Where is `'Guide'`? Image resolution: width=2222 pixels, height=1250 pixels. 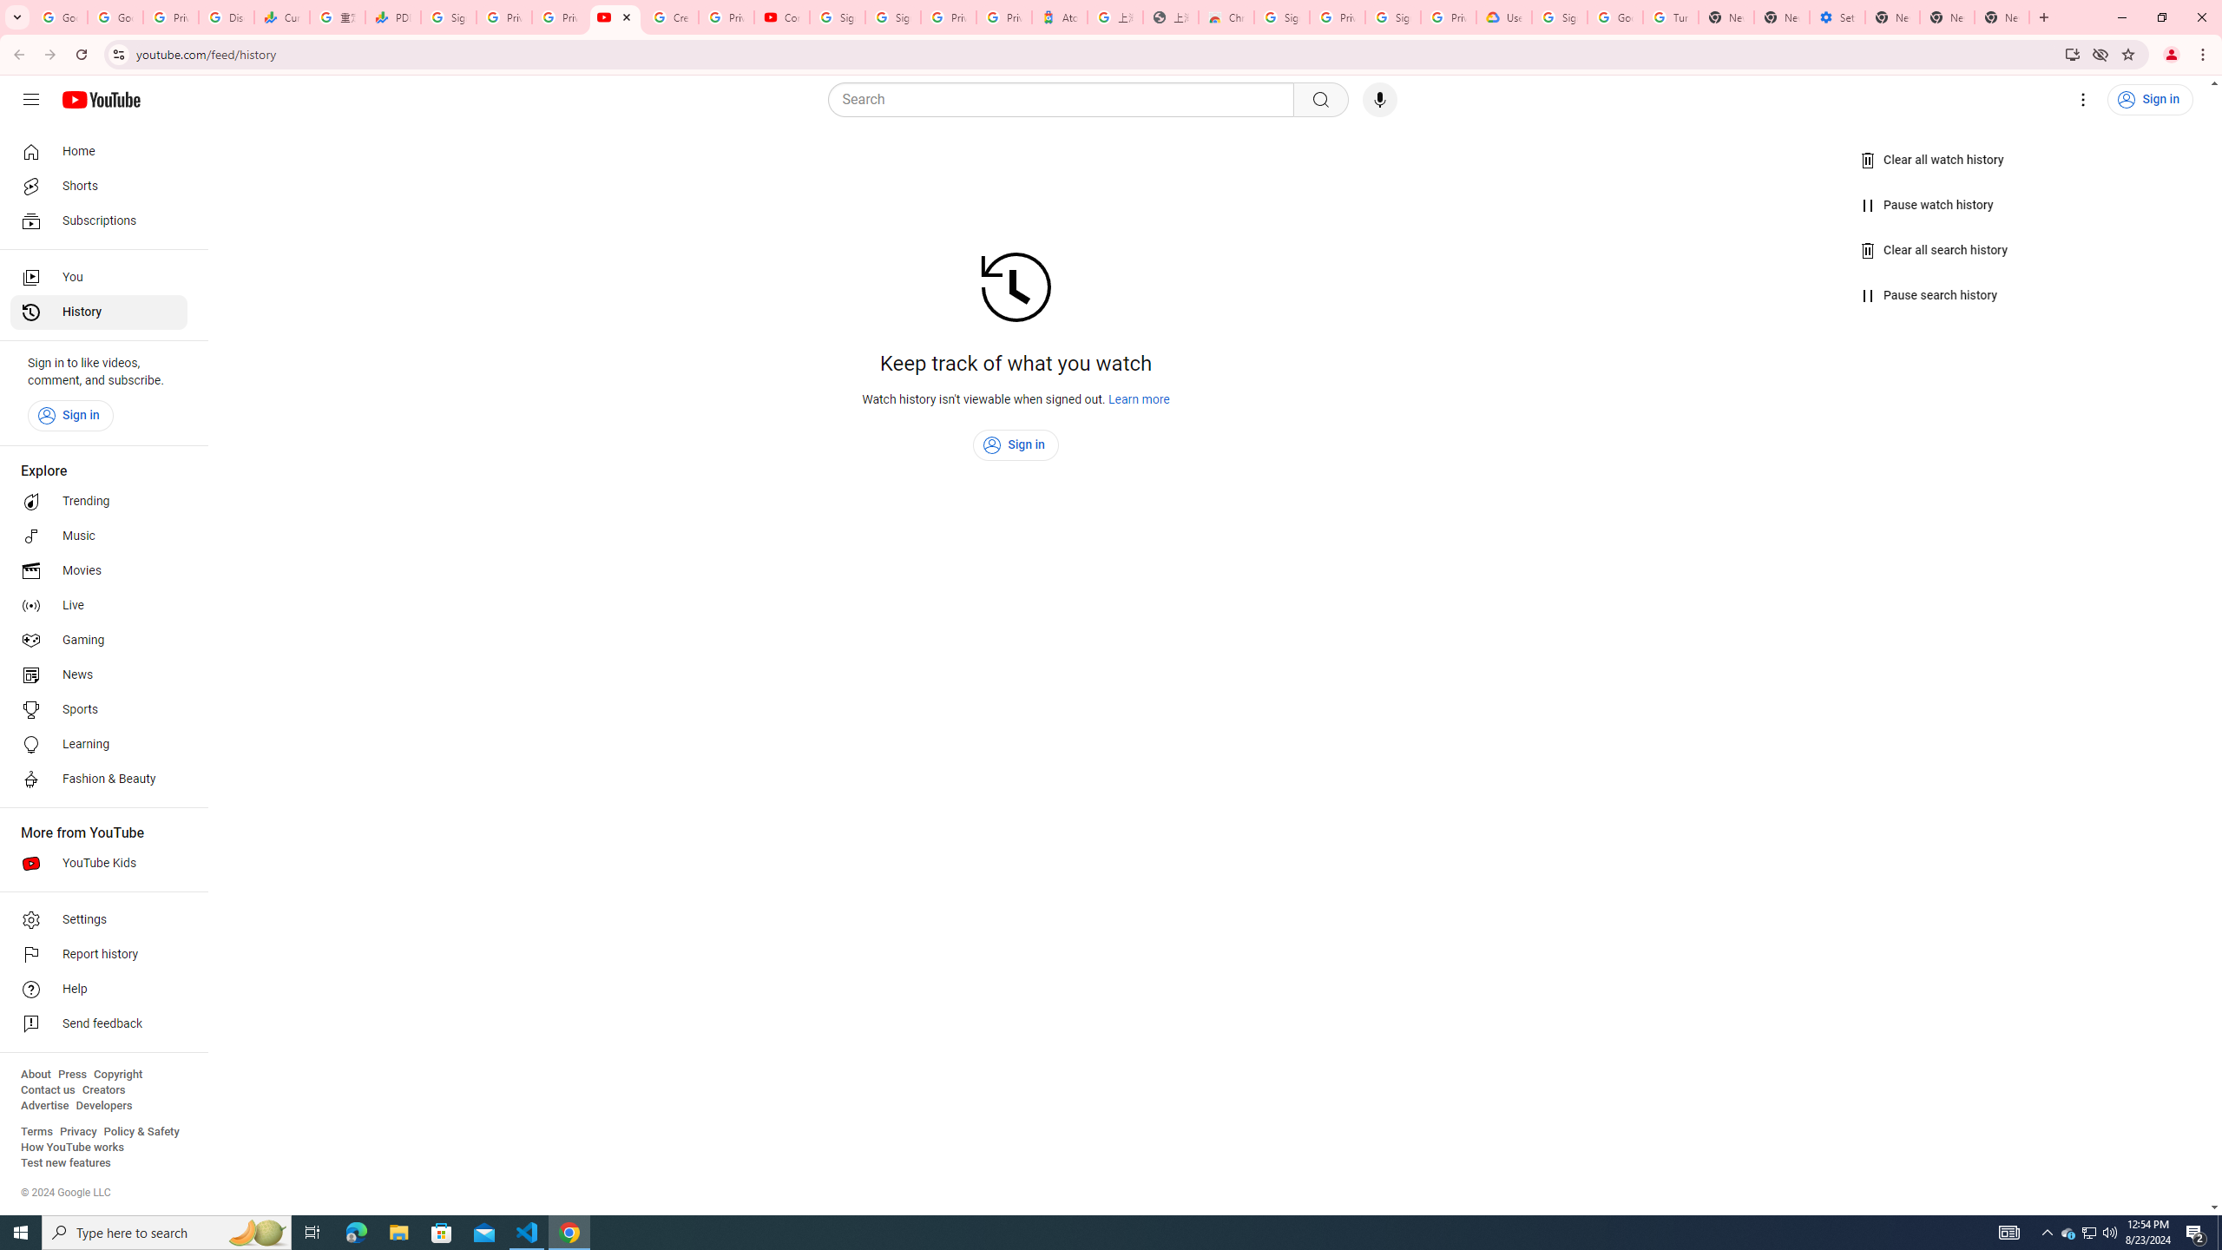 'Guide' is located at coordinates (30, 99).